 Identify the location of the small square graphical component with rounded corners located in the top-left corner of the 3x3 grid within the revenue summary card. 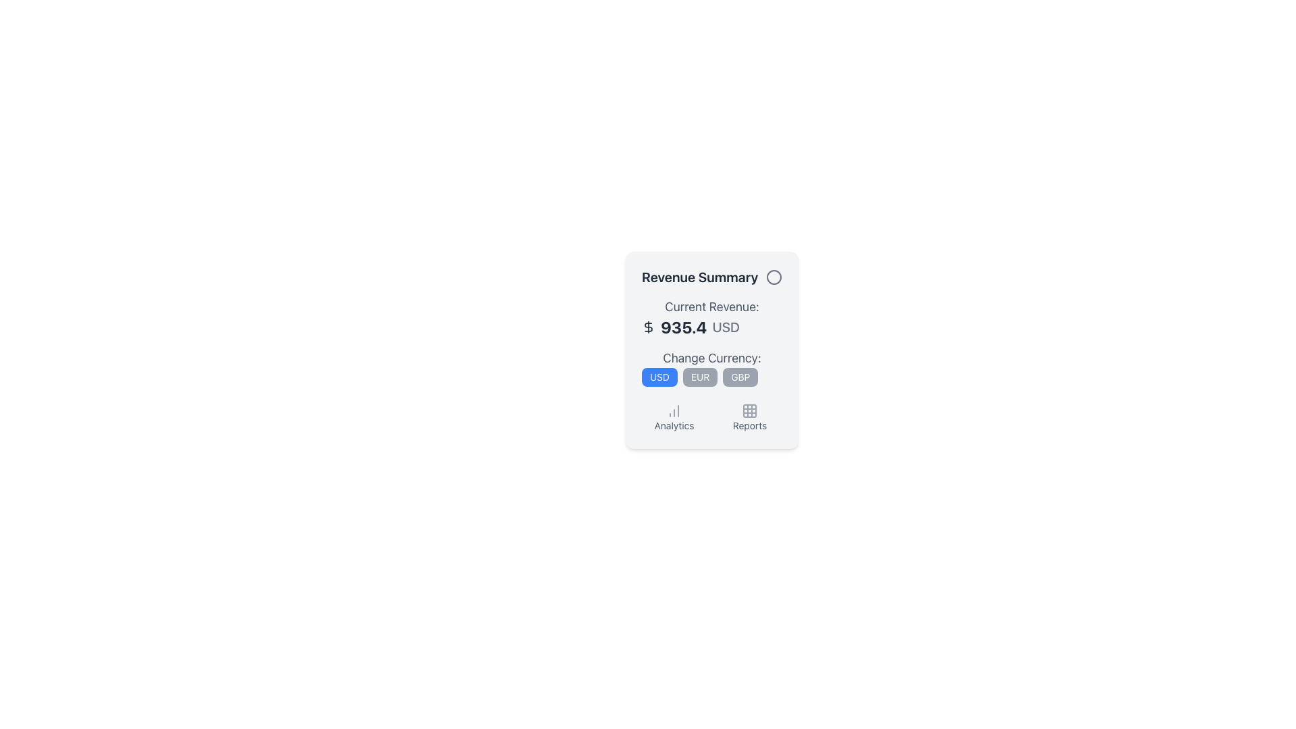
(749, 410).